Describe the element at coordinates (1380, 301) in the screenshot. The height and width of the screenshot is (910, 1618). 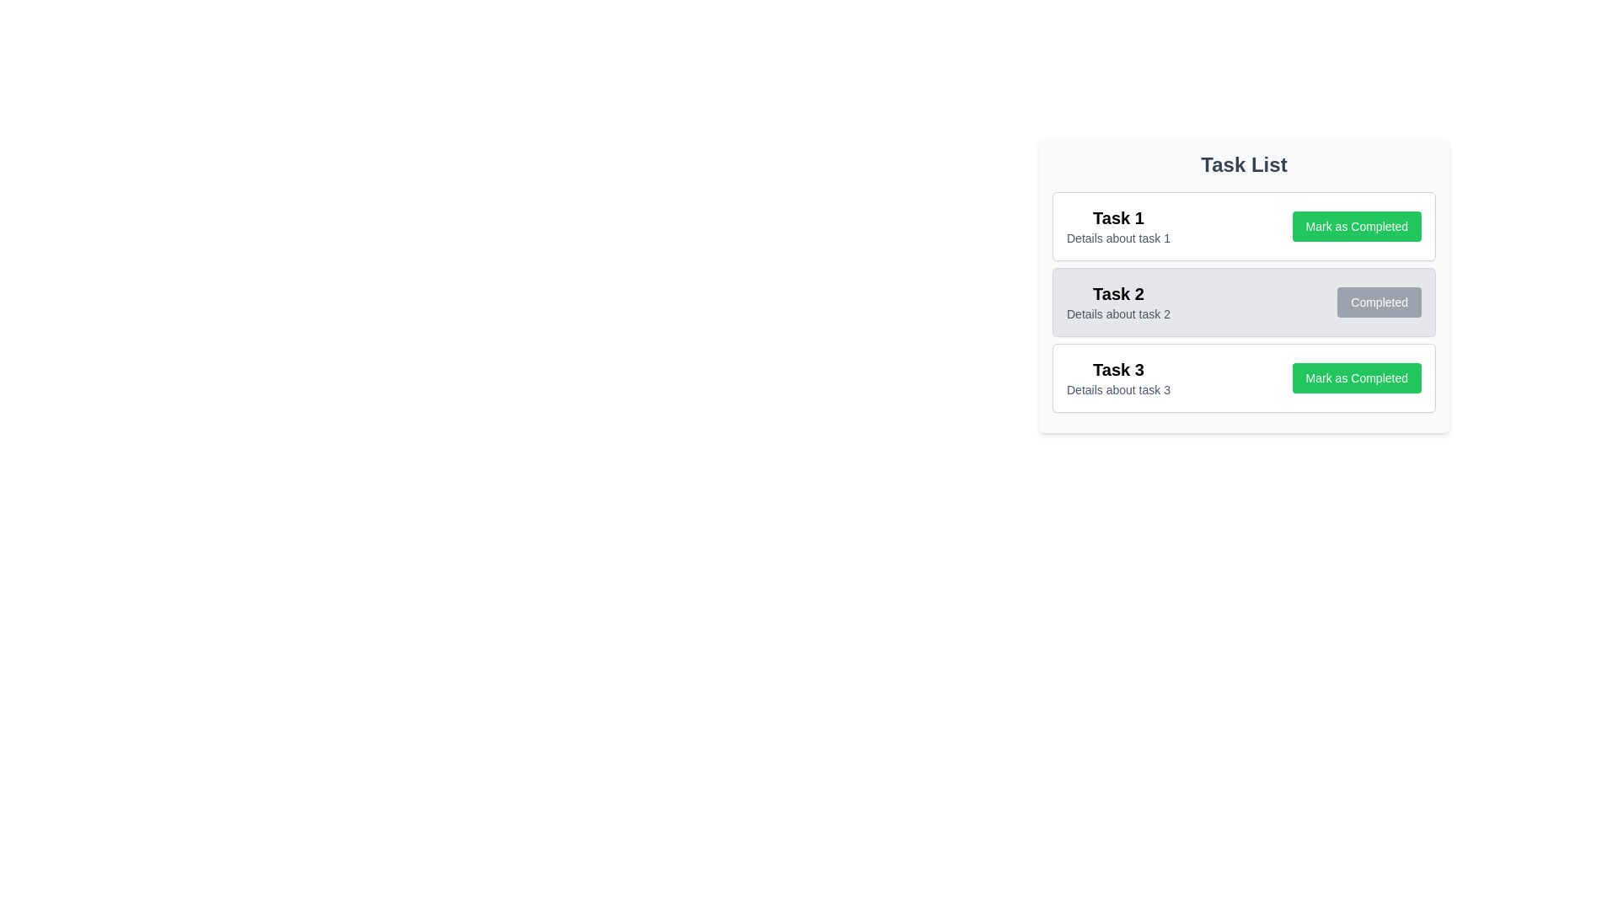
I see `the 'Completed' status button located on the right side of the gray background box for 'Task 2' in the 'Task List'` at that location.